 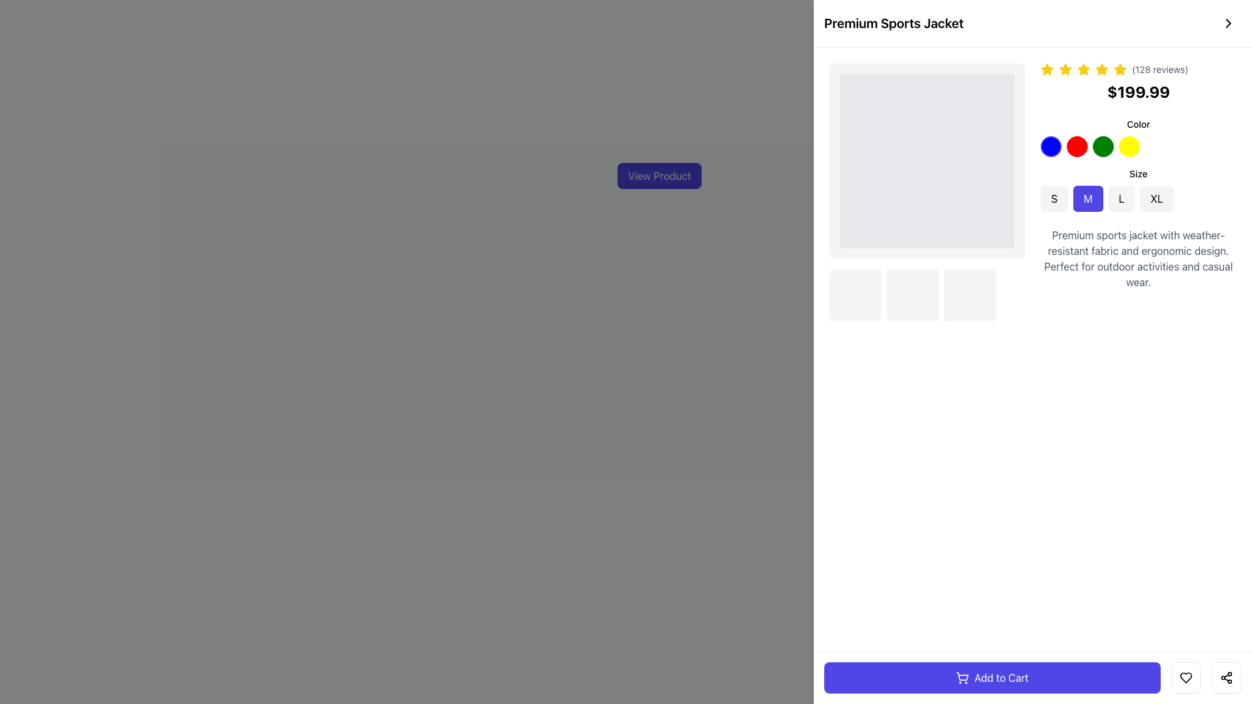 I want to click on the sharing icon button located in the bottom-right corner of the card group, so click(x=1226, y=677).